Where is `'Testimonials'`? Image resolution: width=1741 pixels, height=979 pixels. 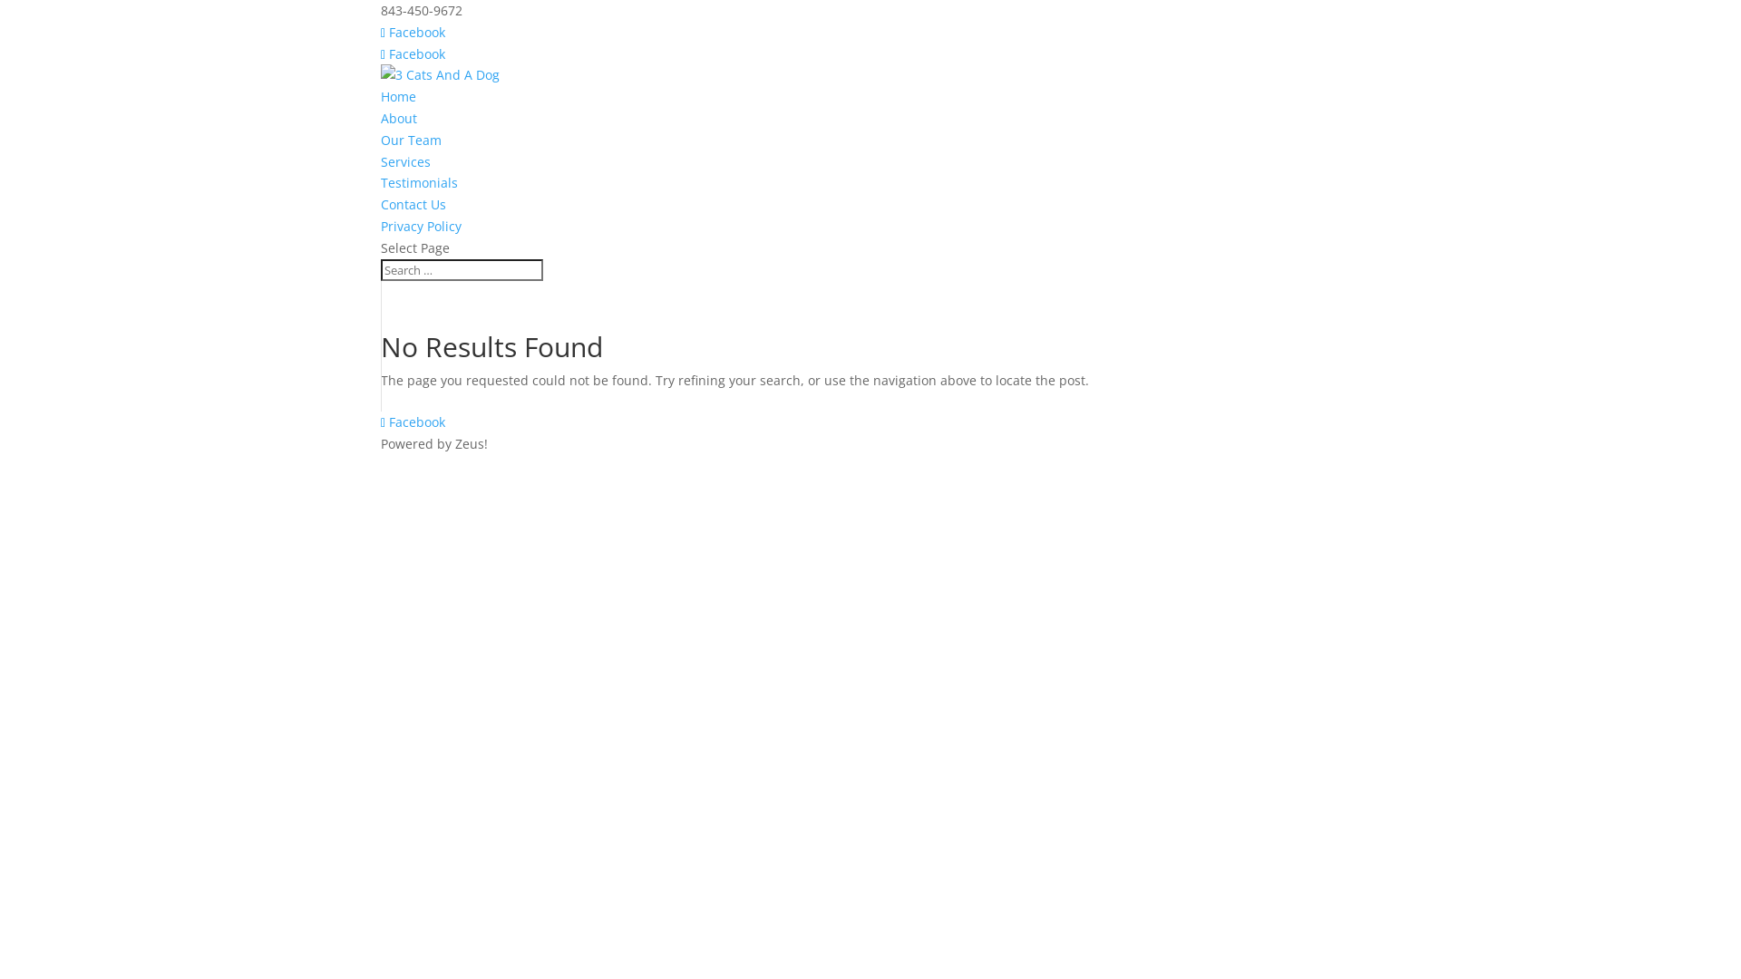
'Testimonials' is located at coordinates (418, 182).